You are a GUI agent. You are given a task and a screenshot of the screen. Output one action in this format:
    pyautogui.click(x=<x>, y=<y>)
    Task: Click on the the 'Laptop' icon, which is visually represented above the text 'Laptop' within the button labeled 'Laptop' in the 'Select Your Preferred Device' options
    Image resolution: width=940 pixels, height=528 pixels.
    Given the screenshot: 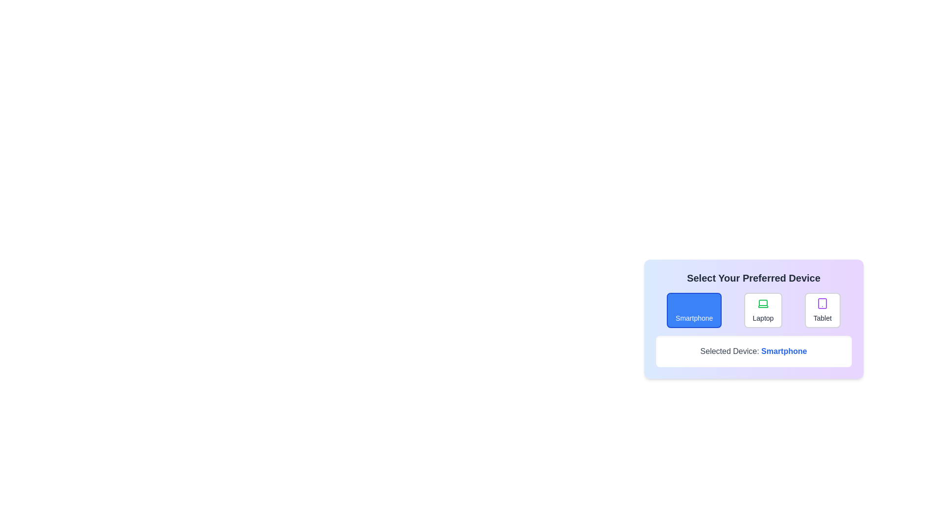 What is the action you would take?
    pyautogui.click(x=762, y=303)
    